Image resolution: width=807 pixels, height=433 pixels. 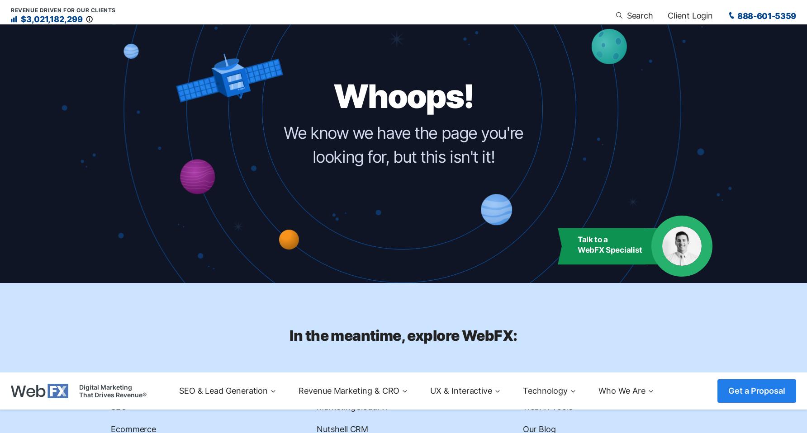 I want to click on 'Owner', so click(x=726, y=346).